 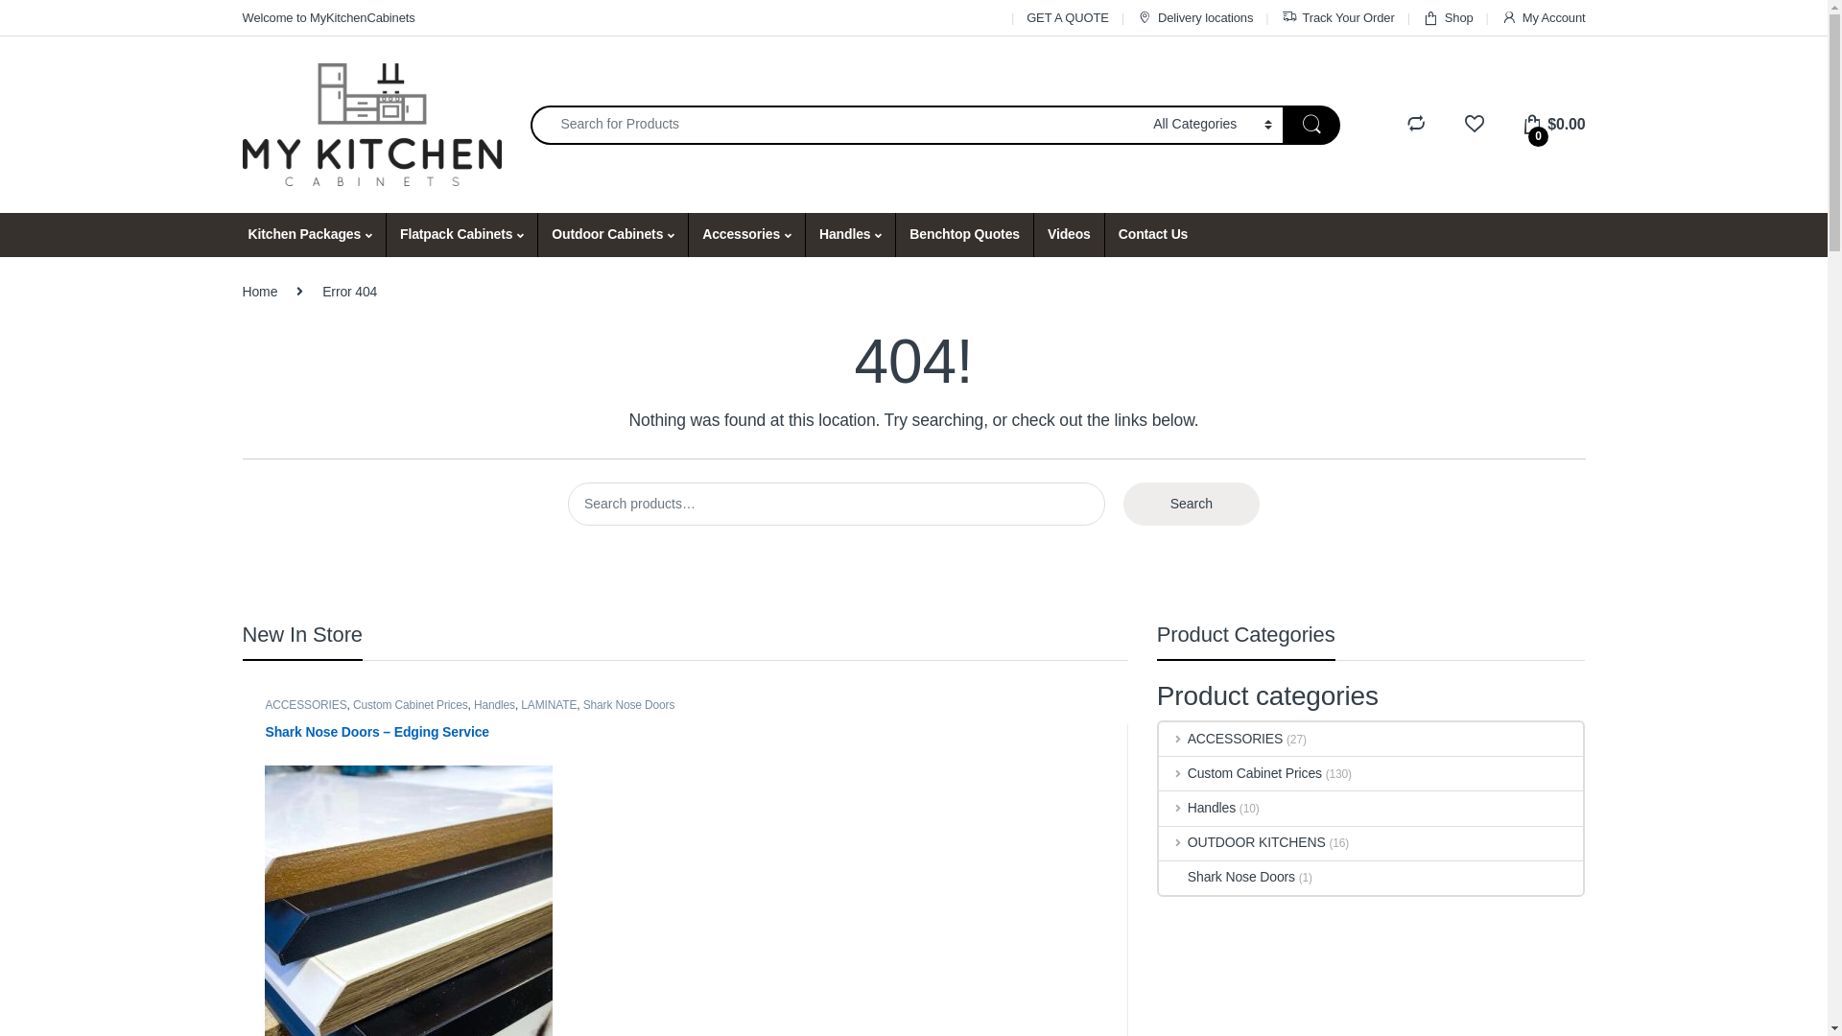 What do you see at coordinates (1067, 234) in the screenshot?
I see `'Videos'` at bounding box center [1067, 234].